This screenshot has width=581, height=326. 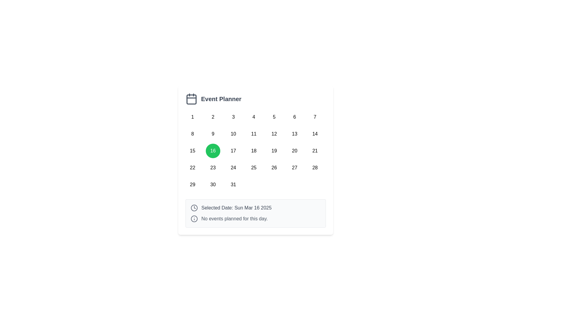 I want to click on the calendar icon that symbolizes the event-planning feature, located to the far left of the 'Event Planner' title, so click(x=191, y=98).